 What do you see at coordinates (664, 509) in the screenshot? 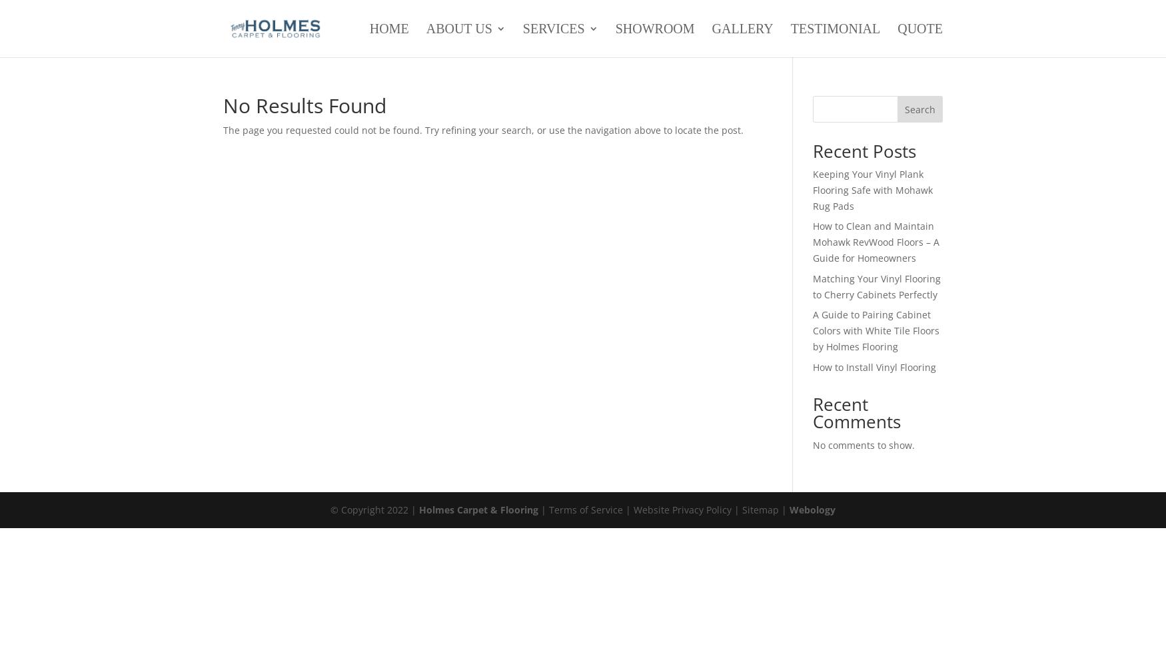
I see `'| Terms of Service | Website Privacy Policy | Sitemap |'` at bounding box center [664, 509].